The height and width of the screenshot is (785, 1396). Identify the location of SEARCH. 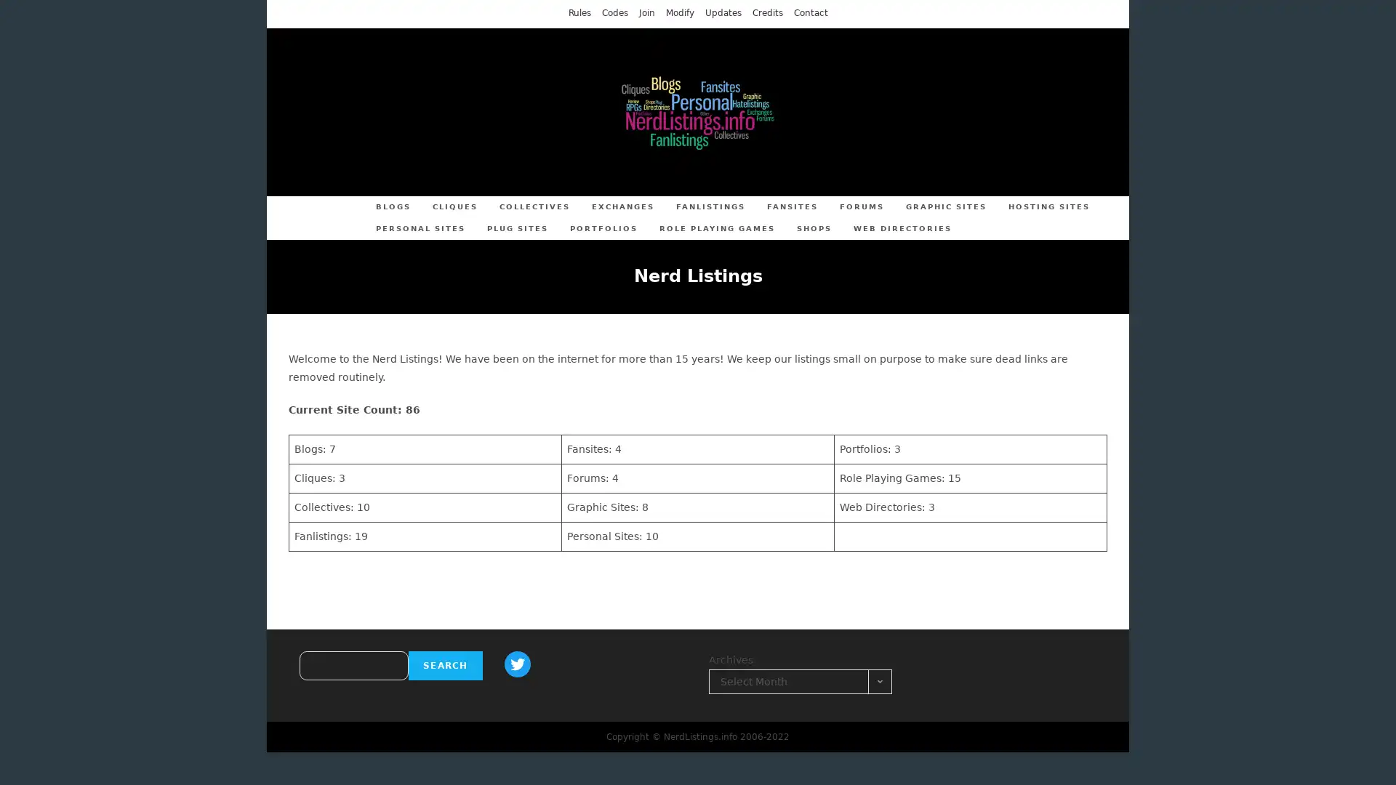
(444, 665).